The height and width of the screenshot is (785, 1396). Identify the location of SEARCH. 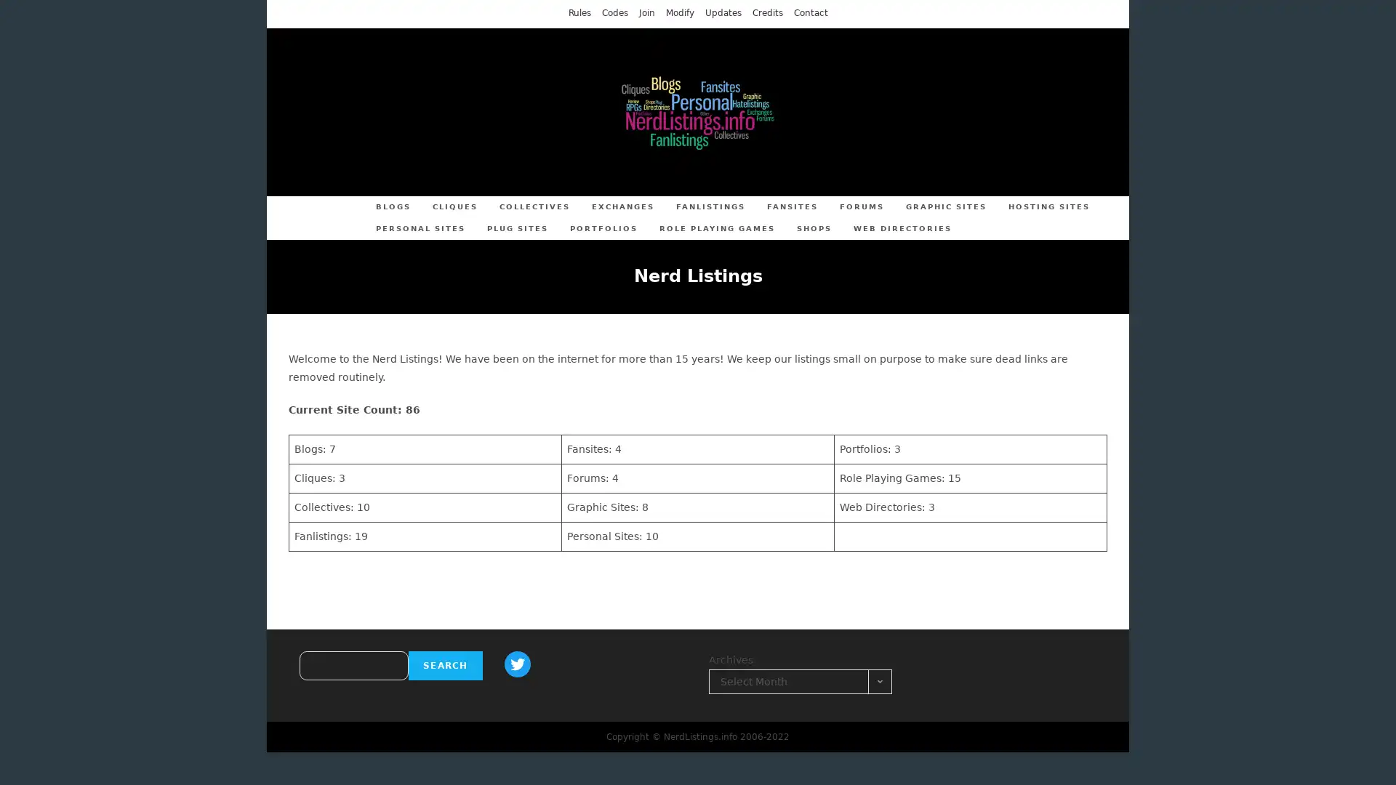
(444, 665).